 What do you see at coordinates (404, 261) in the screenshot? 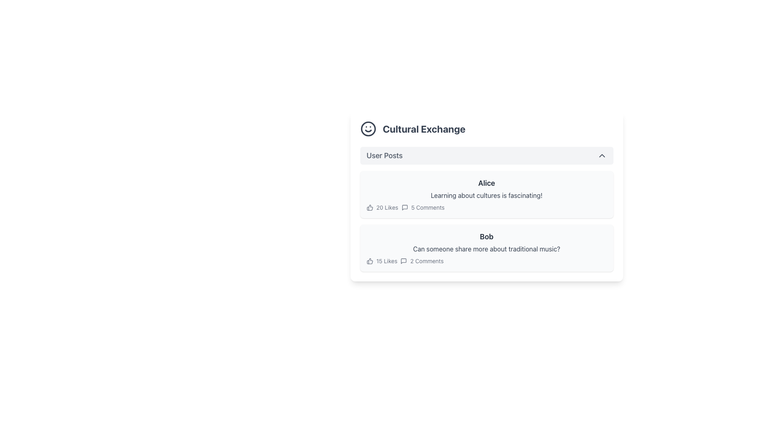
I see `the comment icon located between '15 Likes' and '2 Comments' under Bob's post, which visually indicates the comments feature` at bounding box center [404, 261].